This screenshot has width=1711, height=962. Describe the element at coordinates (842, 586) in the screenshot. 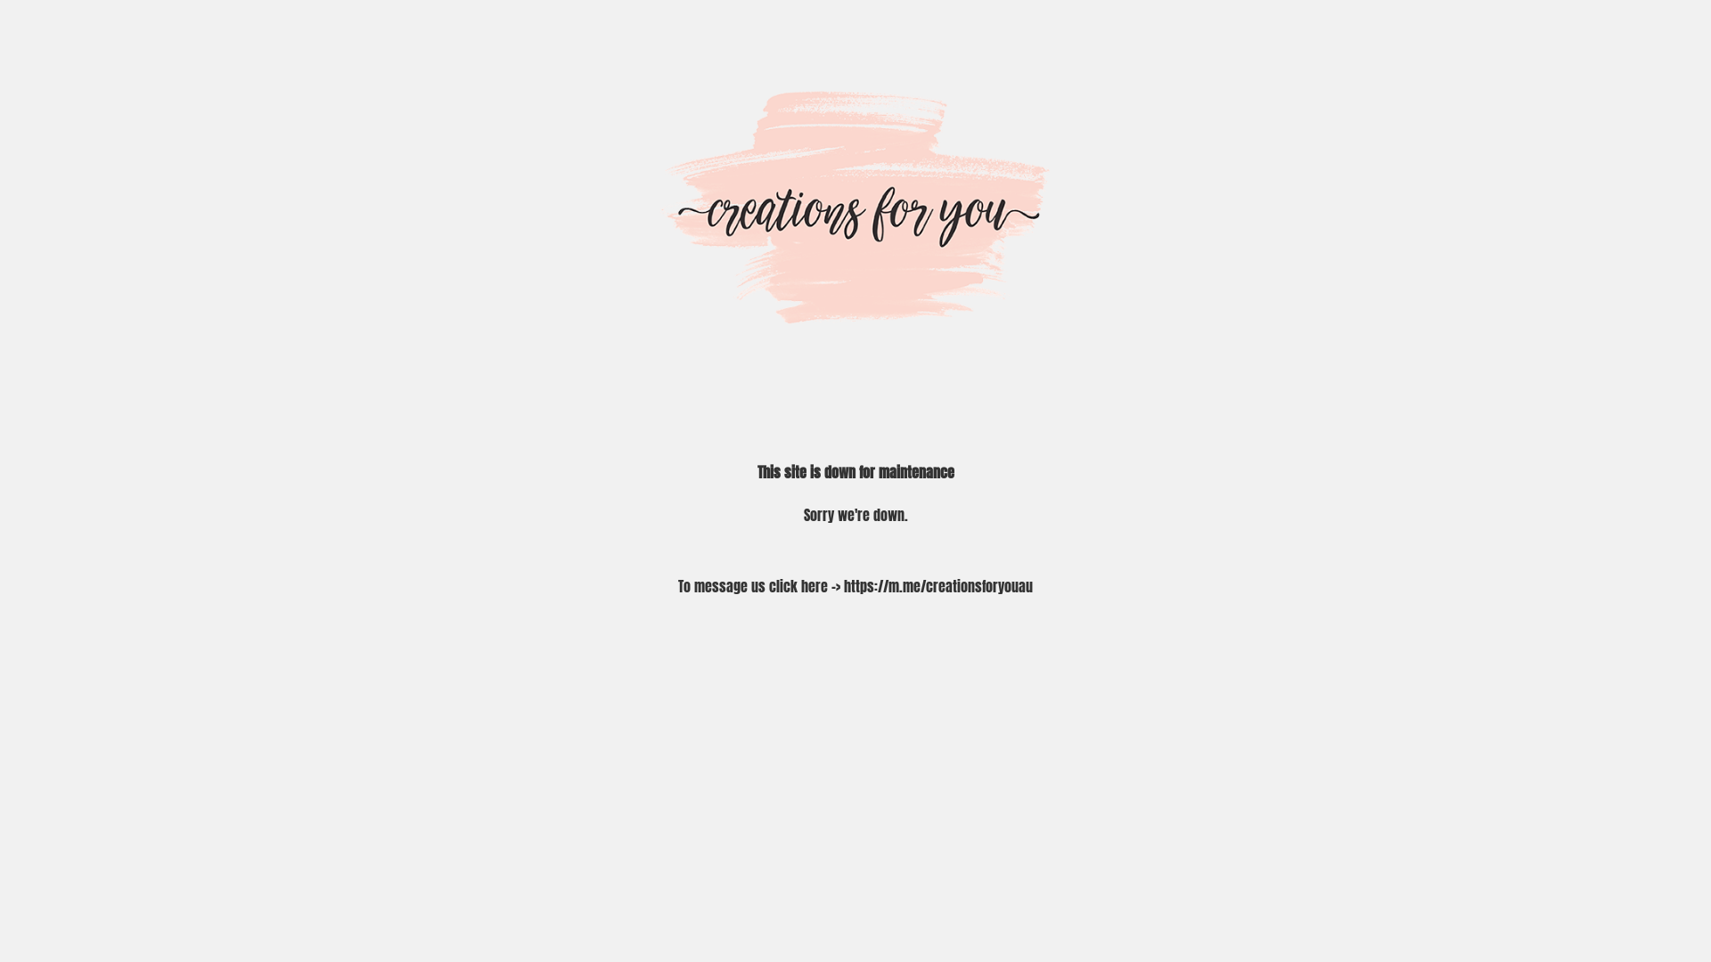

I see `'https://m.me/creationsforyouau'` at that location.